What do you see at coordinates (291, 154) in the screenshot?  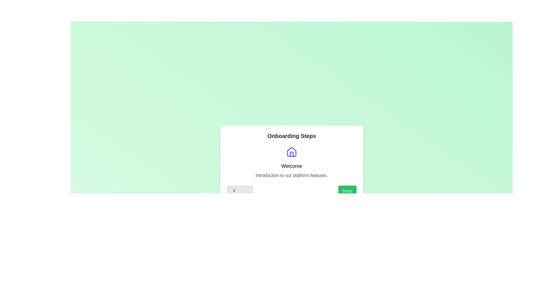 I see `the house icon represented by a vertical rectangle shape centrally located within the 'Onboarding Steps' card` at bounding box center [291, 154].